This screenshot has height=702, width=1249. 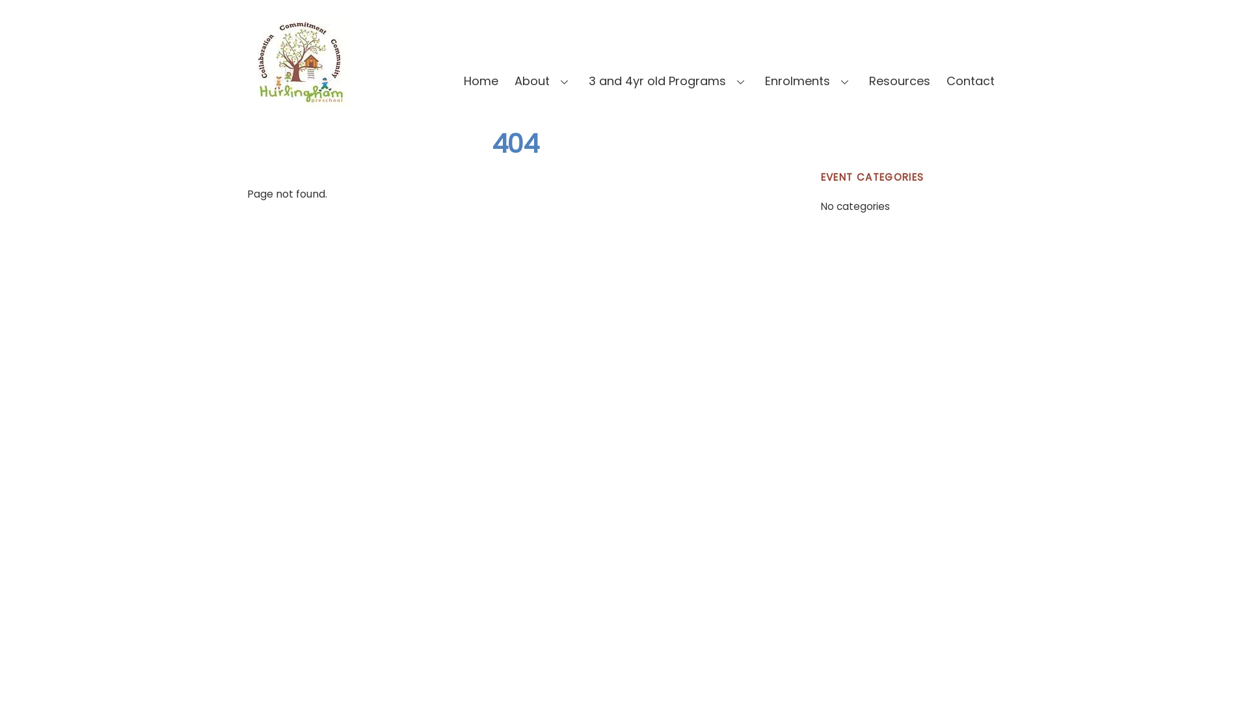 What do you see at coordinates (898, 81) in the screenshot?
I see `'Resources'` at bounding box center [898, 81].